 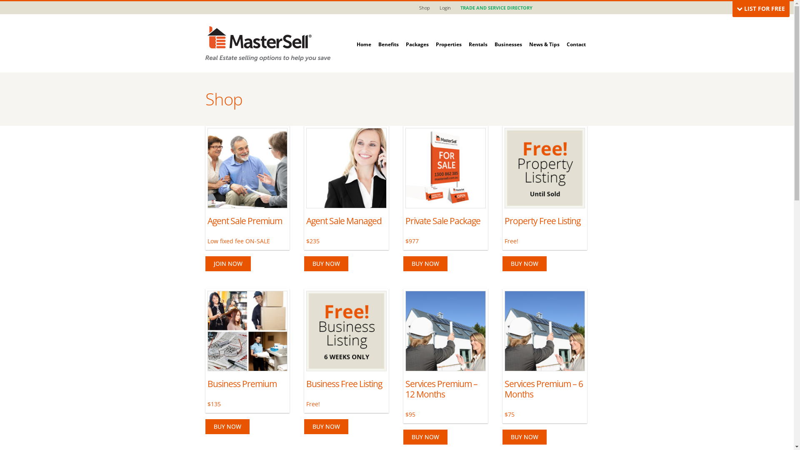 What do you see at coordinates (444, 7) in the screenshot?
I see `'Login'` at bounding box center [444, 7].